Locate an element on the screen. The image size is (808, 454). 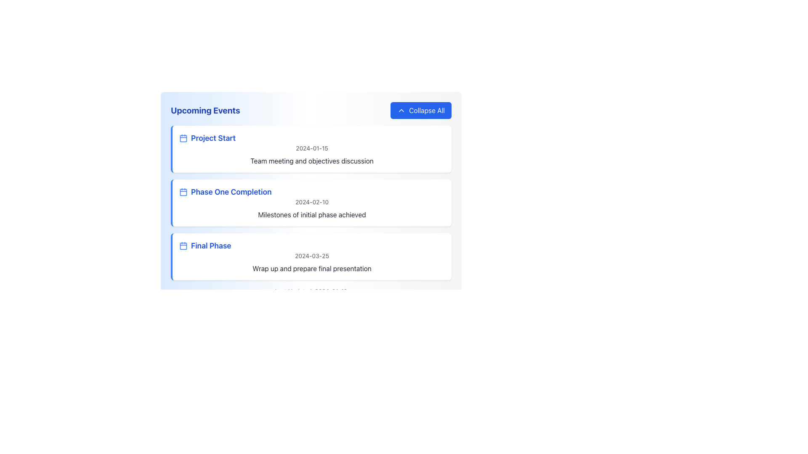
the event card labeled 'Phase One Completion' is located at coordinates (311, 185).